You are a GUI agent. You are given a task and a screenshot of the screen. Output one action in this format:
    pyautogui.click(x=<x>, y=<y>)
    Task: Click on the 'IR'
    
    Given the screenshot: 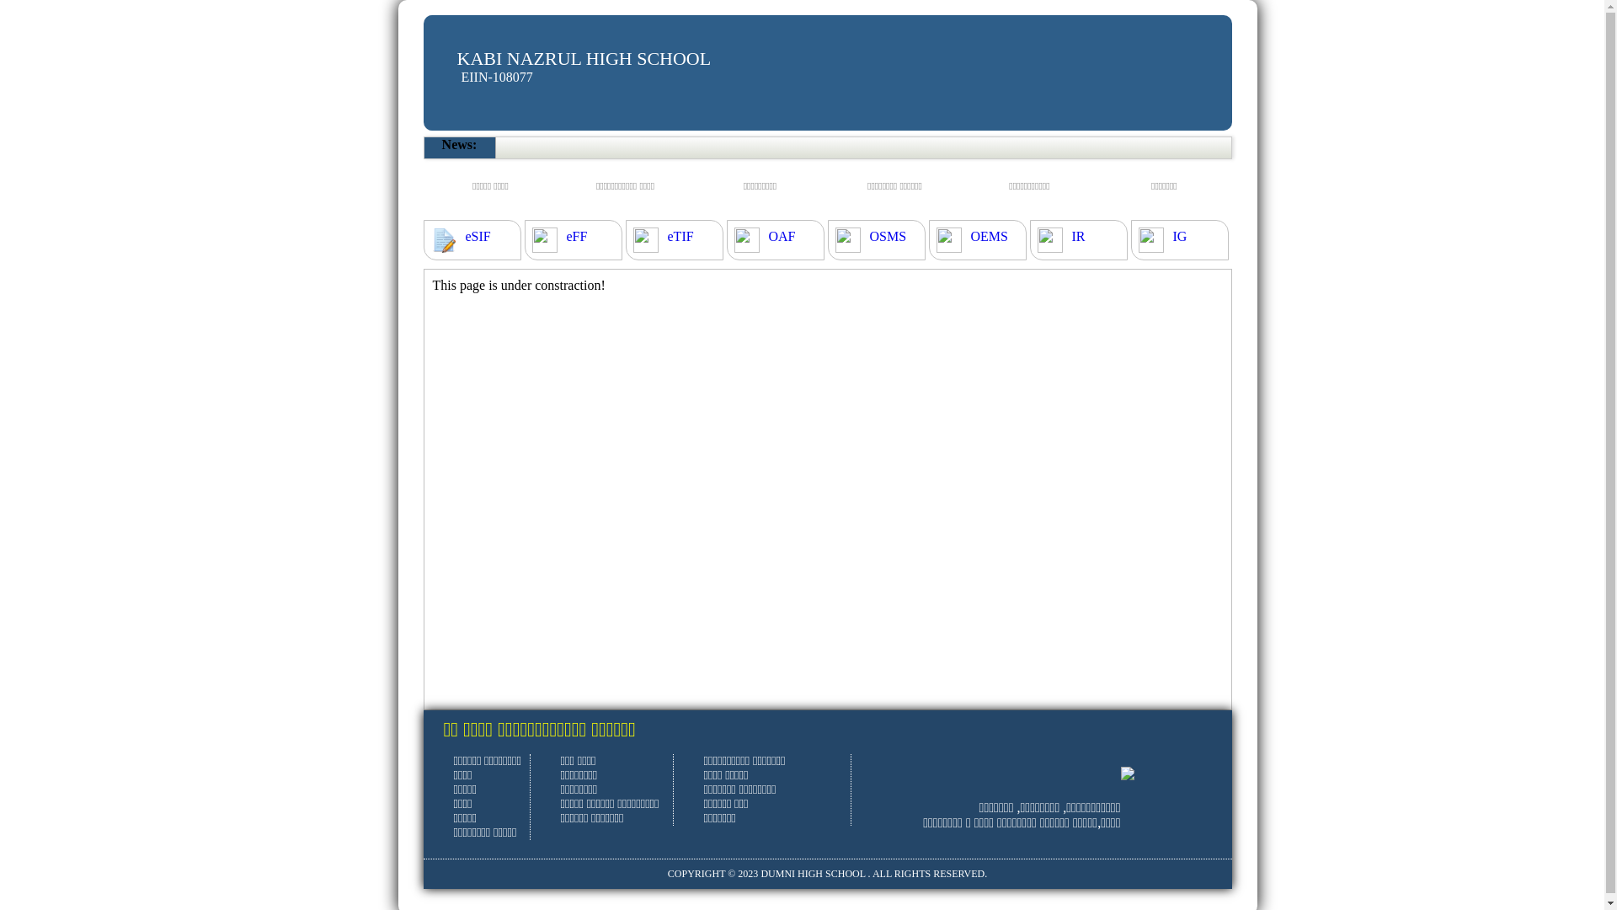 What is the action you would take?
    pyautogui.click(x=1078, y=237)
    